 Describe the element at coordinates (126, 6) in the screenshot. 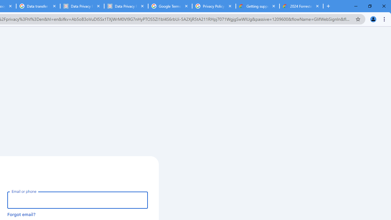

I see `'Data Privacy Framework'` at that location.